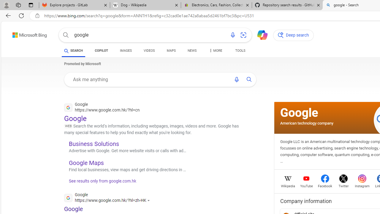 The image size is (380, 214). What do you see at coordinates (240, 51) in the screenshot?
I see `'TOOLS'` at bounding box center [240, 51].